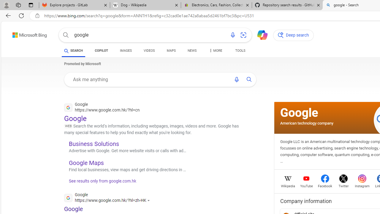 The image size is (380, 214). What do you see at coordinates (240, 51) in the screenshot?
I see `'TOOLS'` at bounding box center [240, 51].